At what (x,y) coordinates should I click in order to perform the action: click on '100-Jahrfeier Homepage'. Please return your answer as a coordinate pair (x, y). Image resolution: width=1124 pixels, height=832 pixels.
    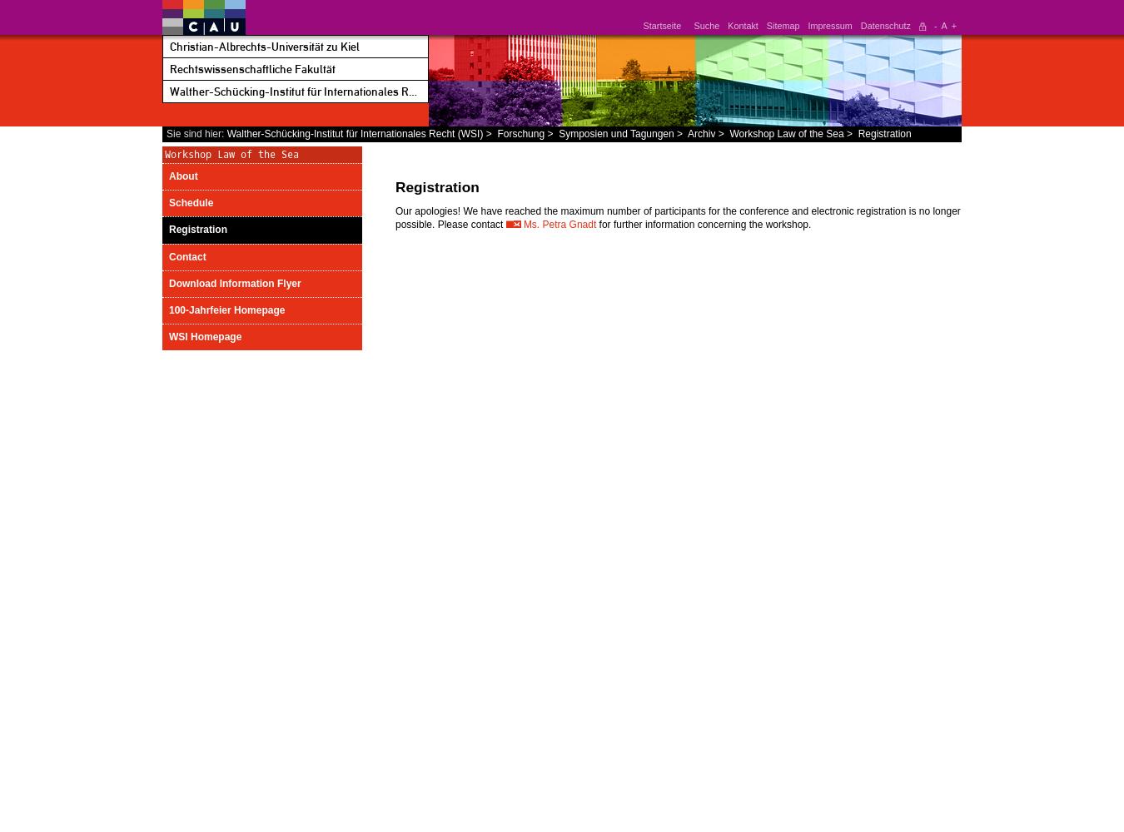
    Looking at the image, I should click on (226, 309).